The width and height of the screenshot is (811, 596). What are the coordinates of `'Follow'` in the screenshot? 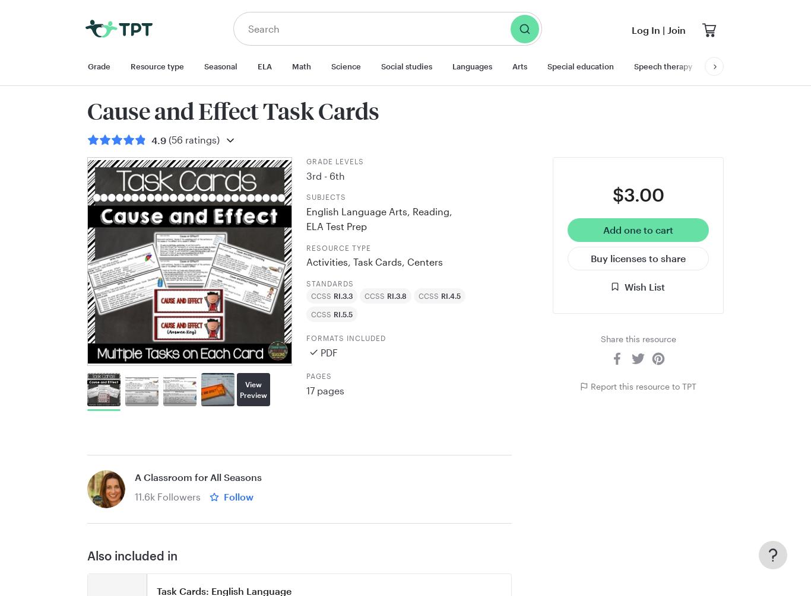 It's located at (238, 496).